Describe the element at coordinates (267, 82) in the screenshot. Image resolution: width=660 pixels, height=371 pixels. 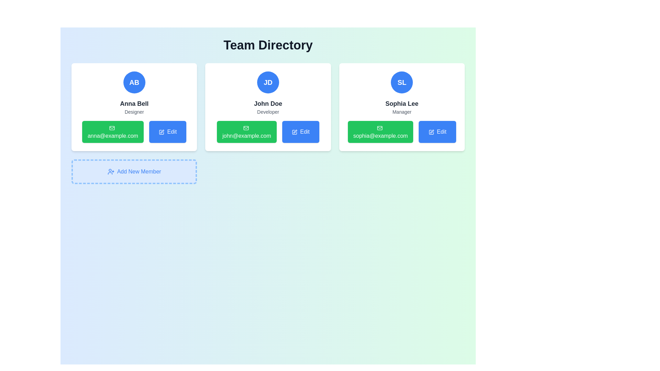
I see `the Avatar component representing 'John Doe', which is a circular element with a blue background and bold white text 'JD'` at that location.